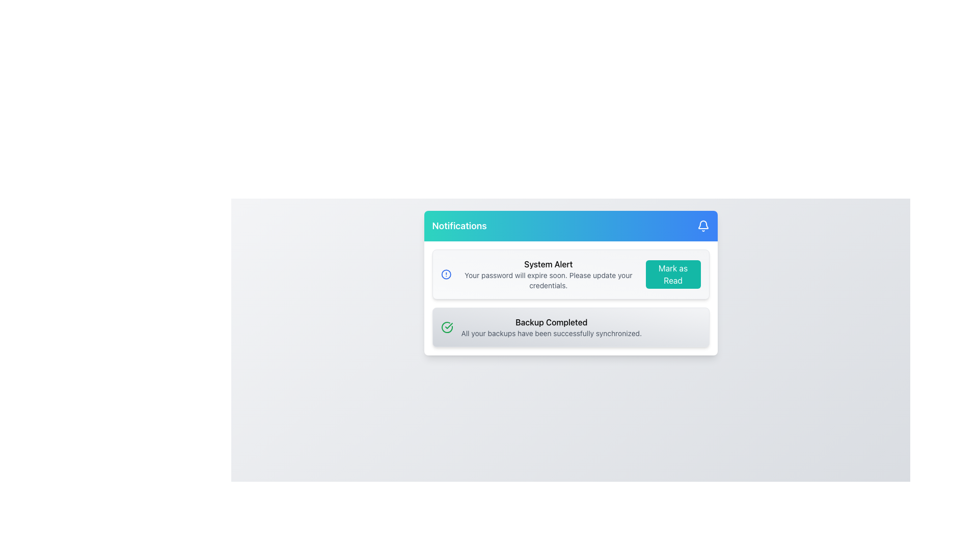 Image resolution: width=978 pixels, height=550 pixels. What do you see at coordinates (702, 225) in the screenshot?
I see `the bell icon in the top-right corner of the notifications panel header, which serves as a notification indicator` at bounding box center [702, 225].